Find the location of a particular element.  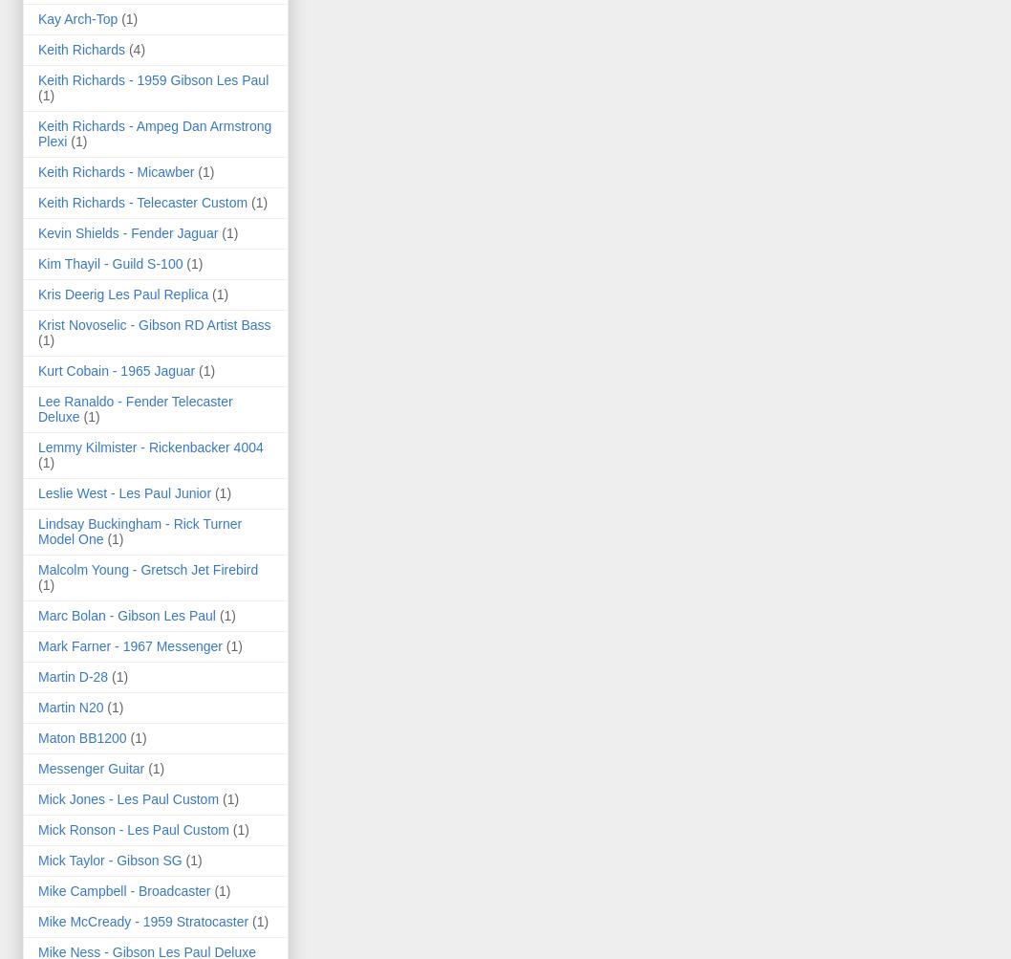

'Kurt Cobain - 1965 Jaguar' is located at coordinates (115, 368).